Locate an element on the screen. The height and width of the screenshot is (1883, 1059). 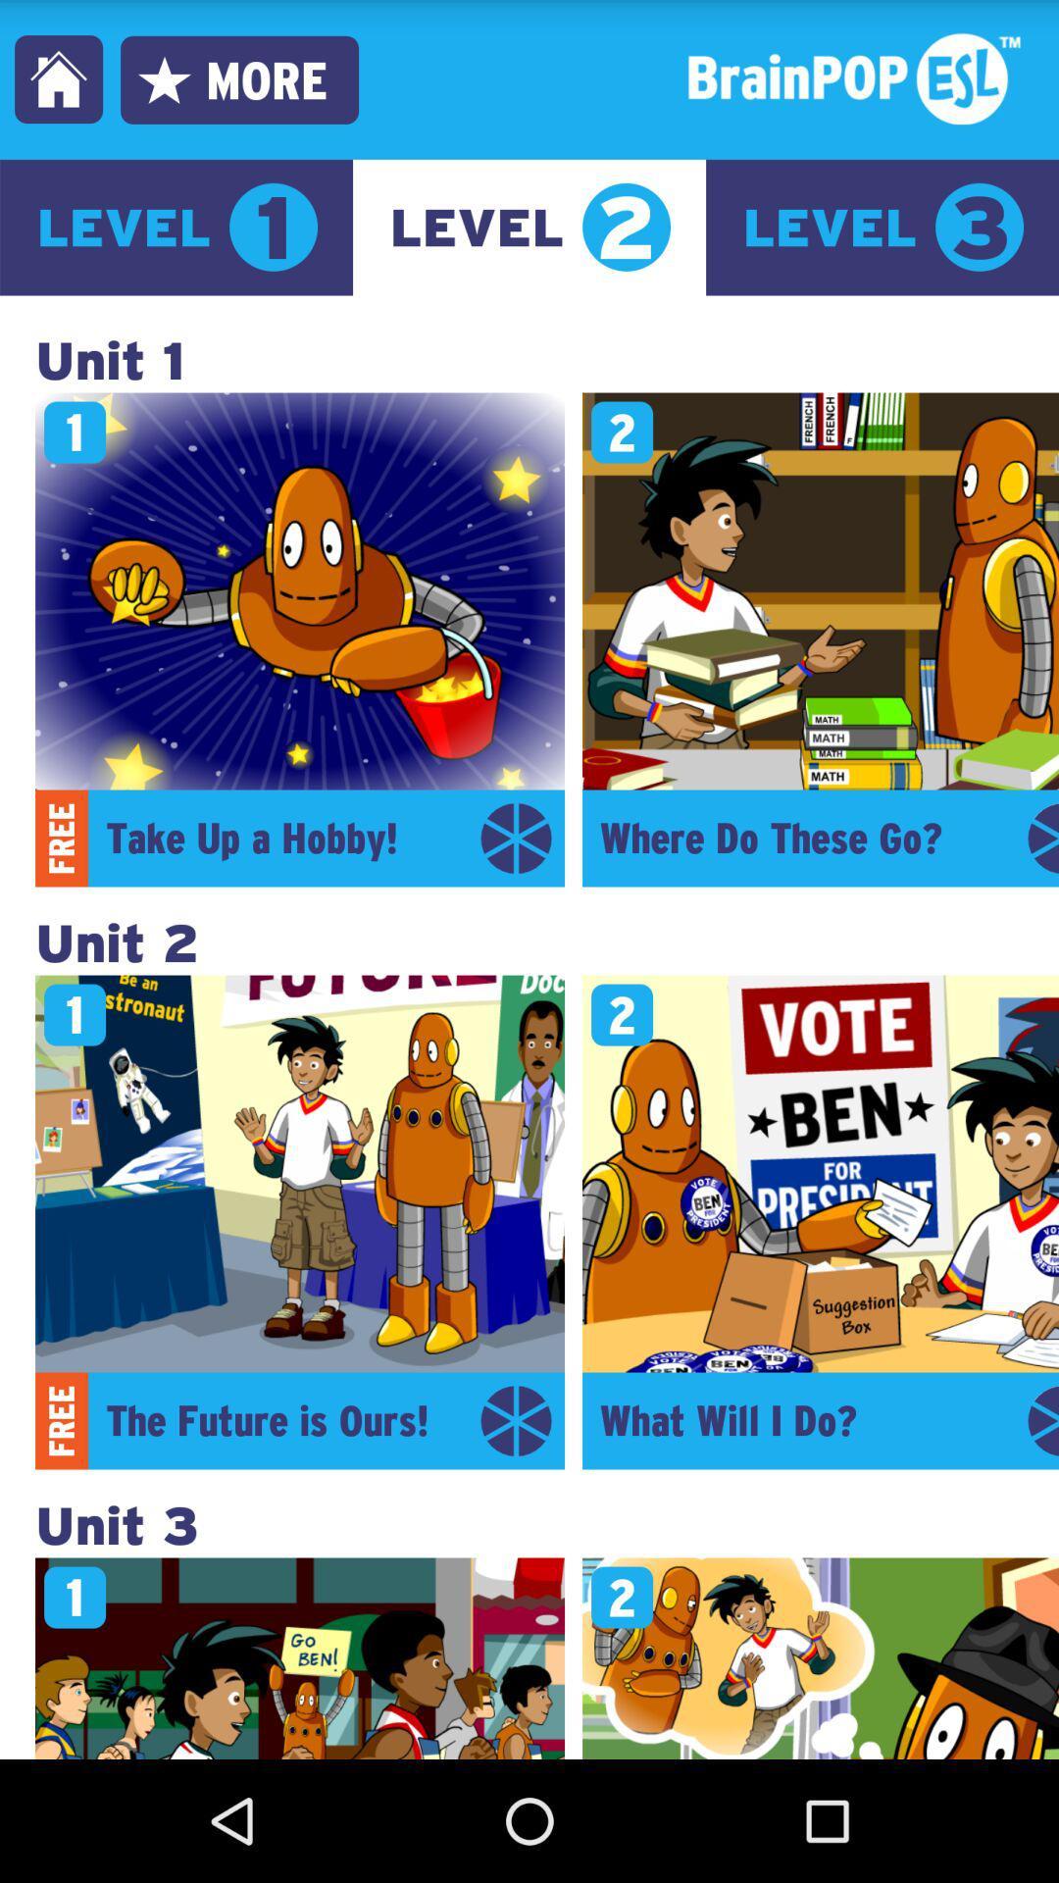
move to the text at the top right corner is located at coordinates (846, 78).